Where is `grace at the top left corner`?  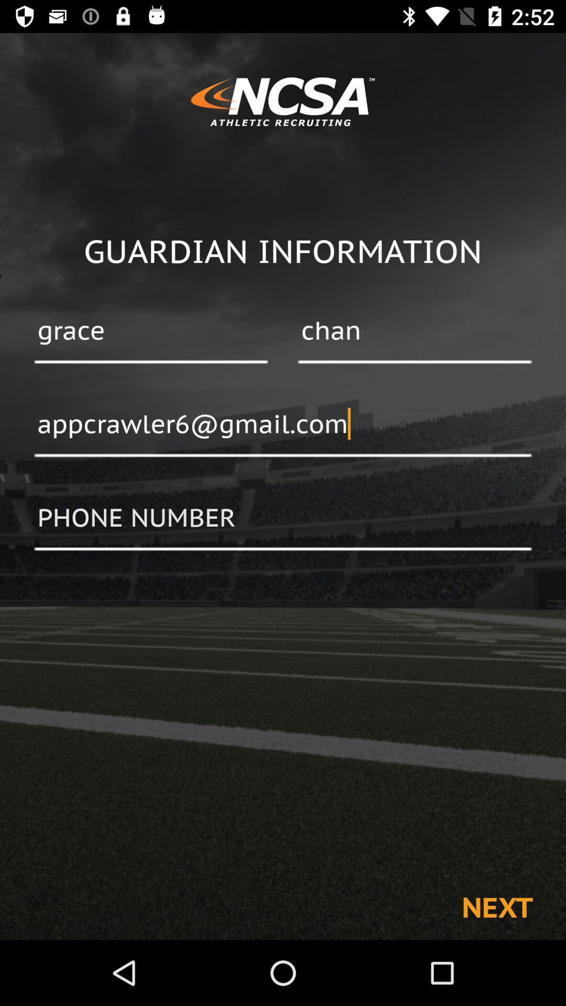 grace at the top left corner is located at coordinates (151, 331).